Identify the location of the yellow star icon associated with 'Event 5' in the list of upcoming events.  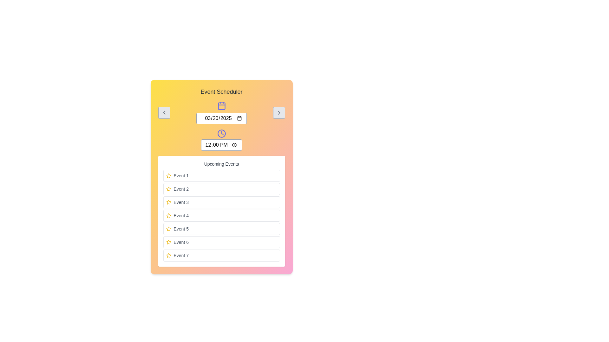
(168, 229).